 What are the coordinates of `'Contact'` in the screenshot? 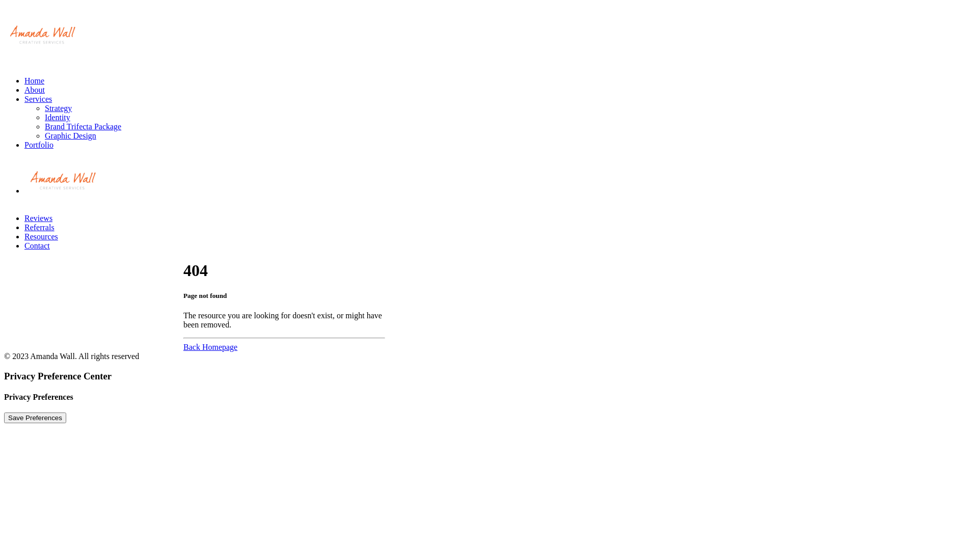 It's located at (24, 245).